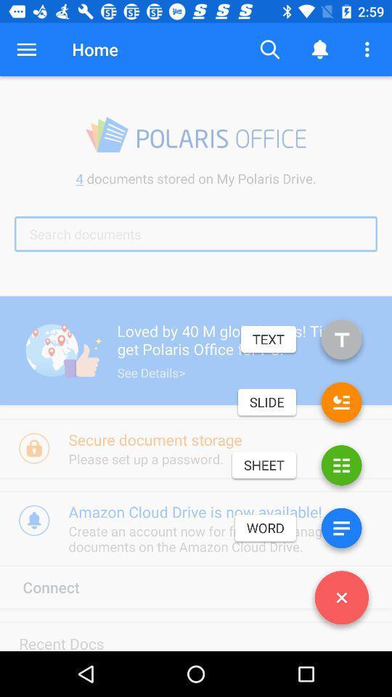 The image size is (392, 697). I want to click on the button next to the home button, so click(26, 49).